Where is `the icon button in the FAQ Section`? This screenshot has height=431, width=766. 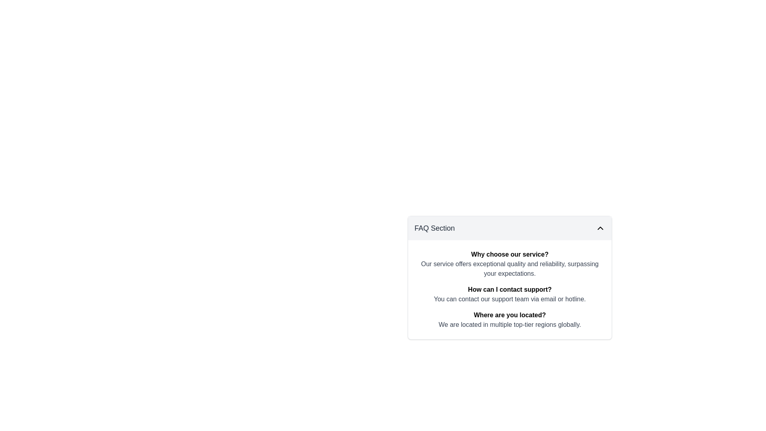
the icon button in the FAQ Section is located at coordinates (600, 228).